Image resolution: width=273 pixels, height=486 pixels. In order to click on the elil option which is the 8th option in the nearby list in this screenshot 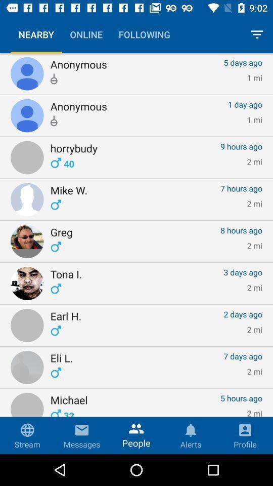, I will do `click(27, 367)`.